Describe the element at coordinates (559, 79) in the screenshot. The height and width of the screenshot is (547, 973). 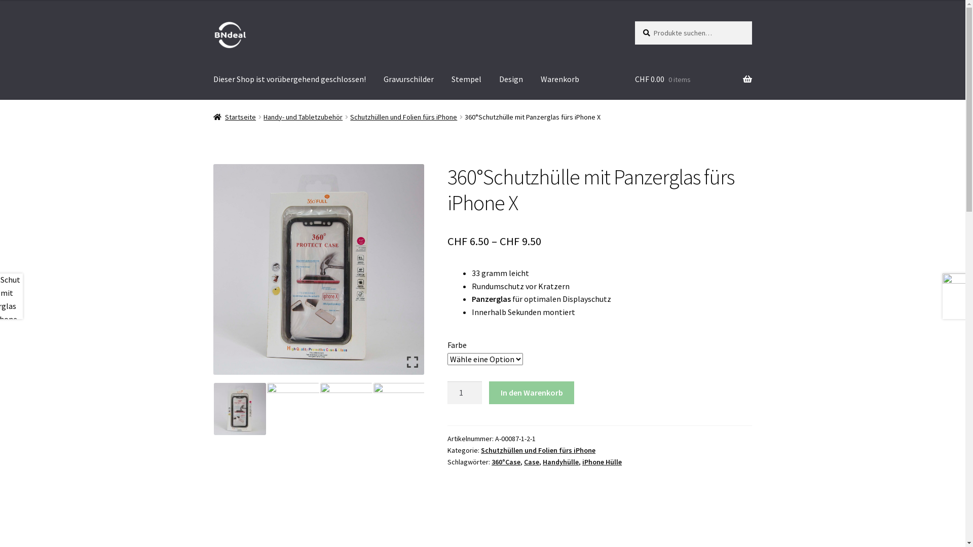
I see `'Warenkorb'` at that location.